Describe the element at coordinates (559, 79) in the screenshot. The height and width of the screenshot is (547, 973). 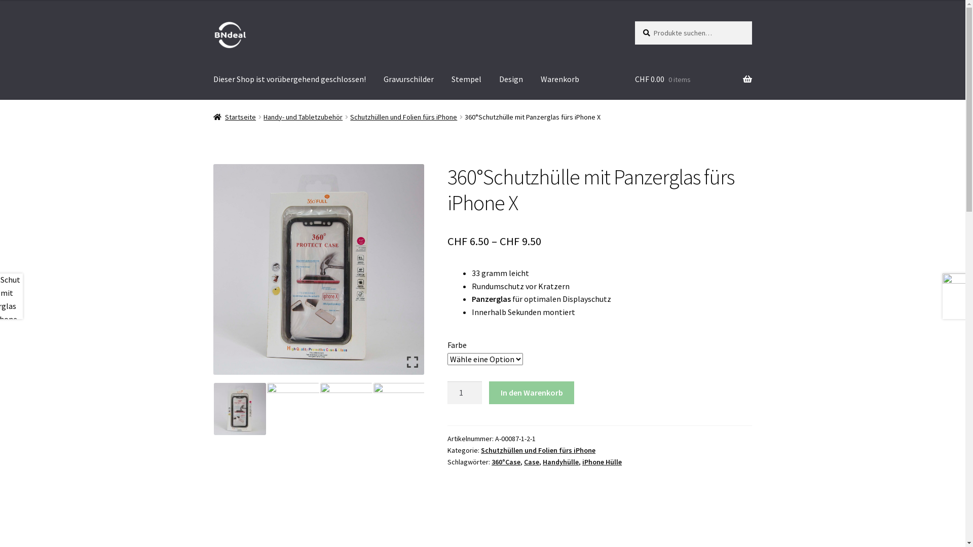
I see `'Warenkorb'` at that location.